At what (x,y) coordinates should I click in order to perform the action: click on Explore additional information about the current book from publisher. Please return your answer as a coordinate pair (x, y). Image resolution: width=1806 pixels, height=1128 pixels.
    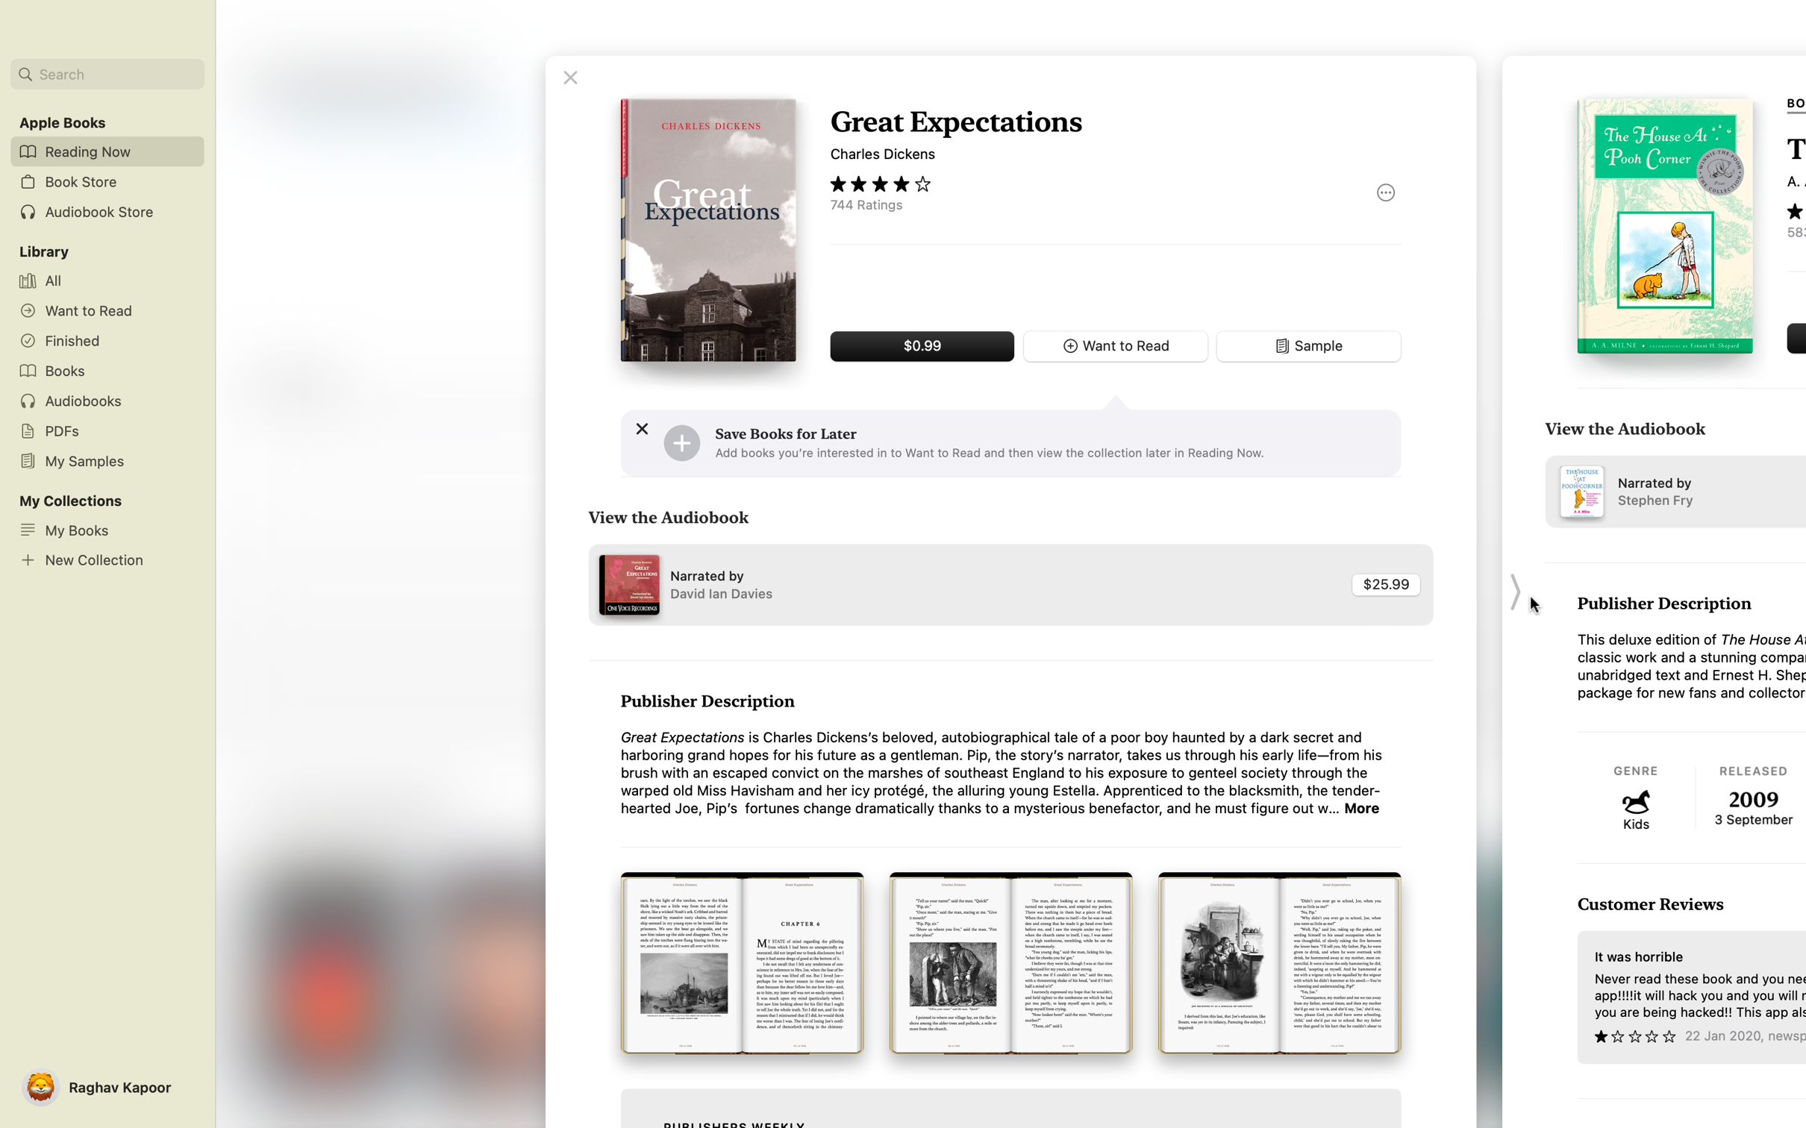
    Looking at the image, I should click on (1363, 808).